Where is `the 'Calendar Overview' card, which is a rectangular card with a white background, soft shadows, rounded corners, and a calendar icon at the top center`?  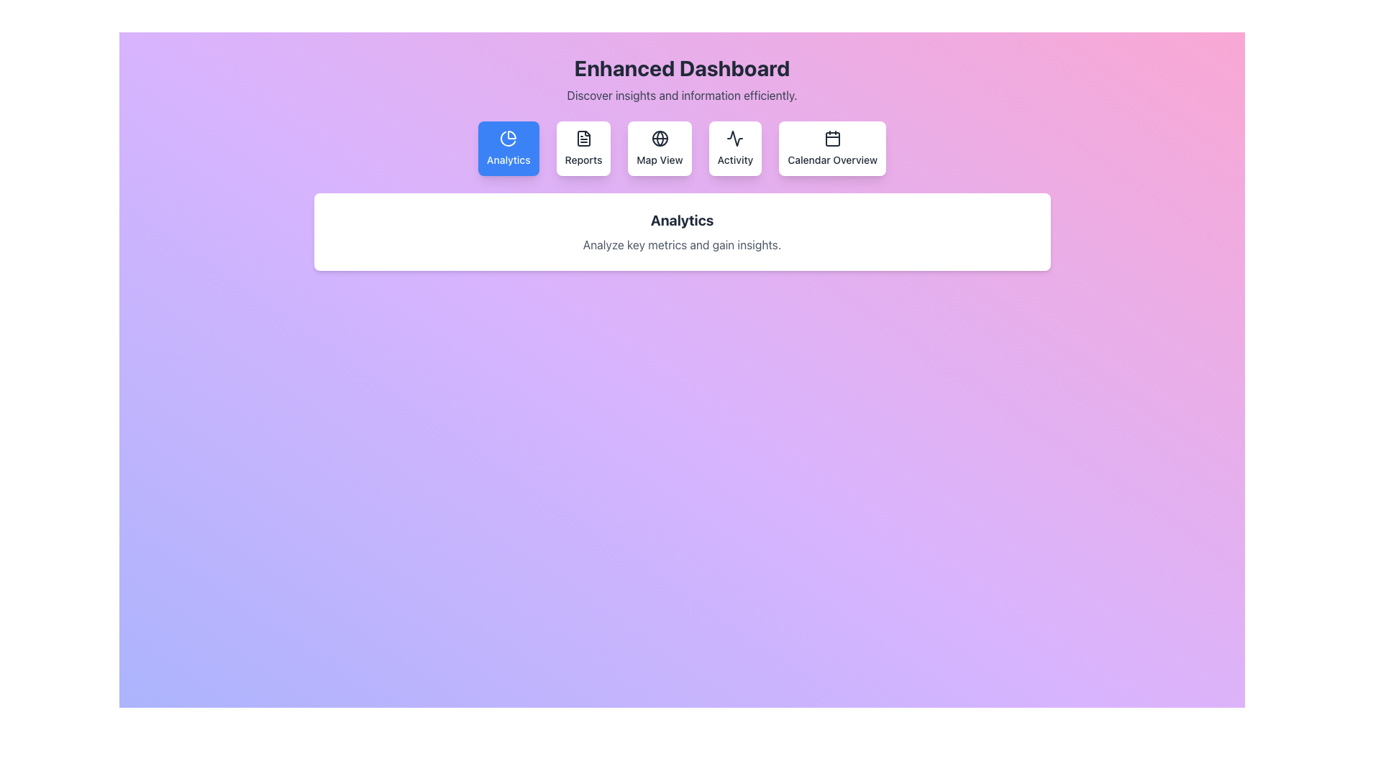
the 'Calendar Overview' card, which is a rectangular card with a white background, soft shadows, rounded corners, and a calendar icon at the top center is located at coordinates (832, 149).